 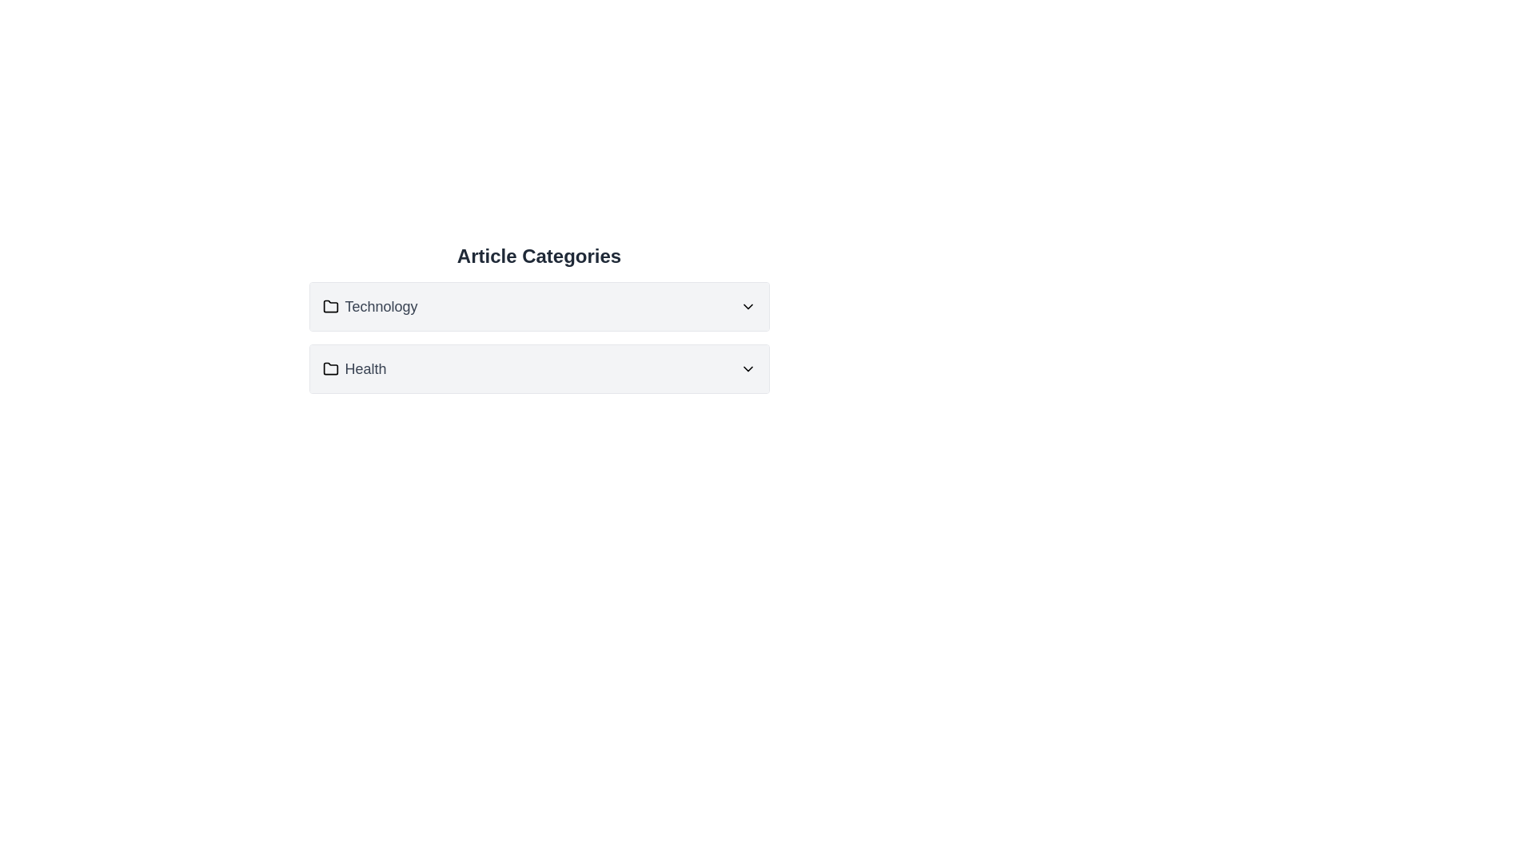 What do you see at coordinates (369, 307) in the screenshot?
I see `the 'Technology' list item` at bounding box center [369, 307].